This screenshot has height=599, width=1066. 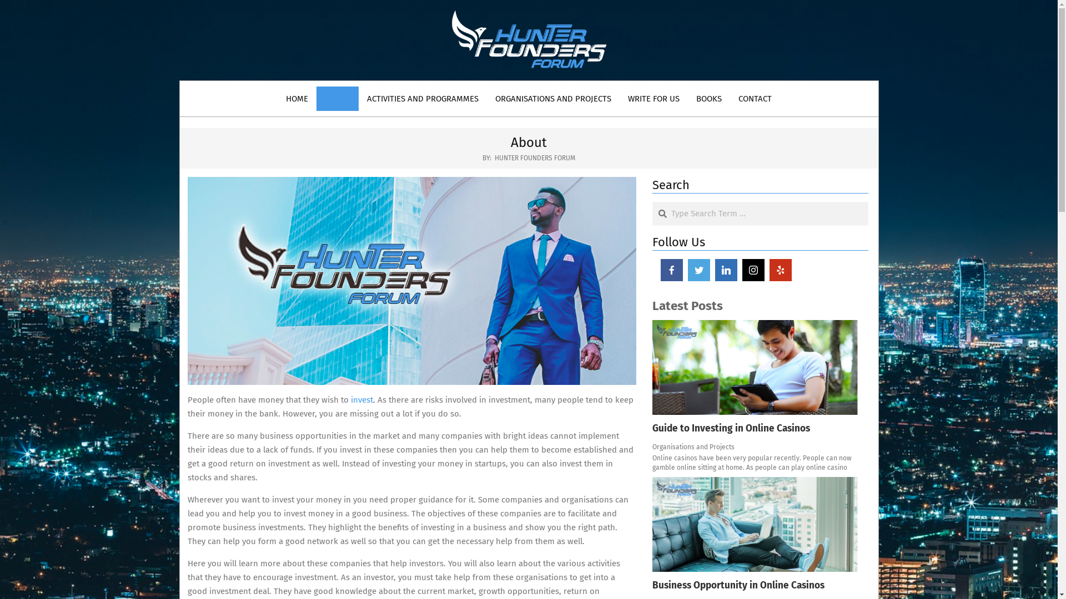 What do you see at coordinates (553, 98) in the screenshot?
I see `'ORGANISATIONS AND PROJECTS'` at bounding box center [553, 98].